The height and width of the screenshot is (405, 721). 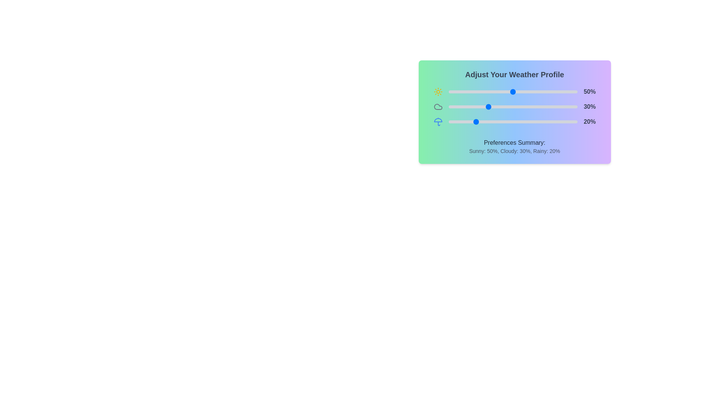 What do you see at coordinates (452, 91) in the screenshot?
I see `the 'Sunny' slider to 3%` at bounding box center [452, 91].